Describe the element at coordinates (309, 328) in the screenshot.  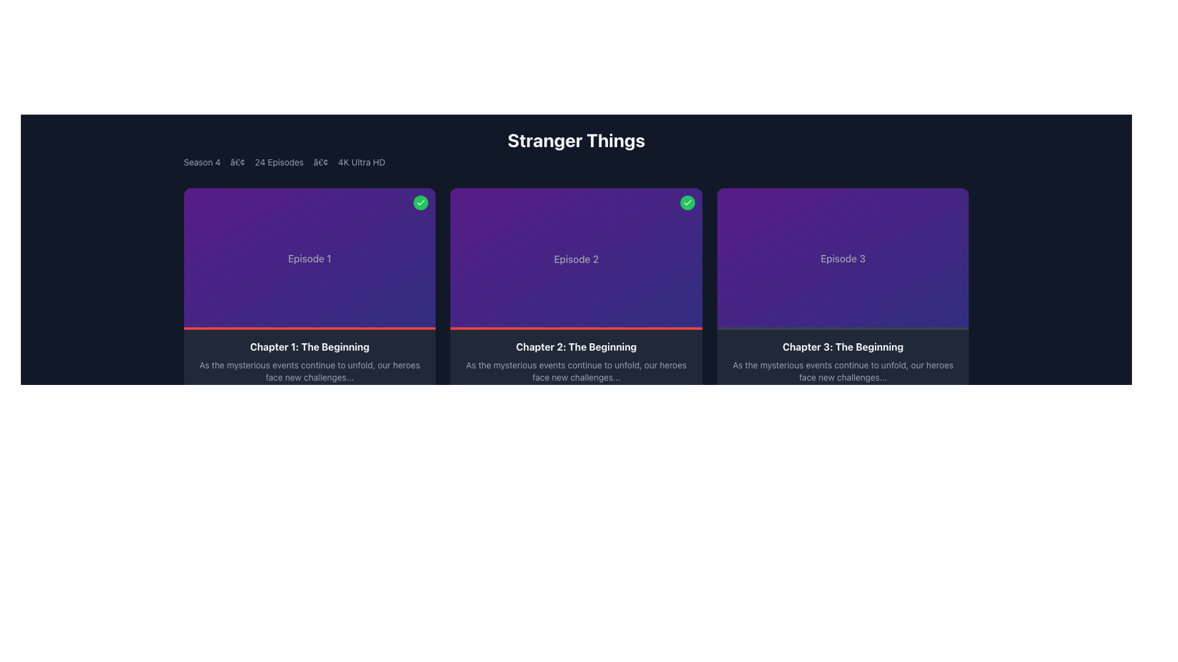
I see `the thin progress bar located at the bottom of the card displaying 'Episode 1'` at that location.